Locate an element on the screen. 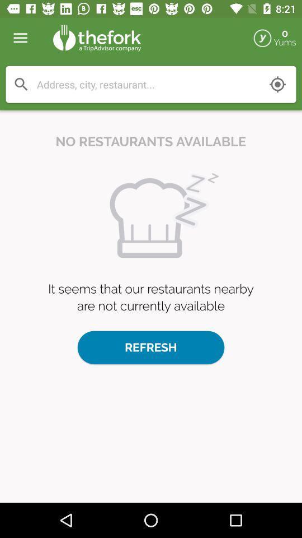  the refresh button is located at coordinates (151, 347).